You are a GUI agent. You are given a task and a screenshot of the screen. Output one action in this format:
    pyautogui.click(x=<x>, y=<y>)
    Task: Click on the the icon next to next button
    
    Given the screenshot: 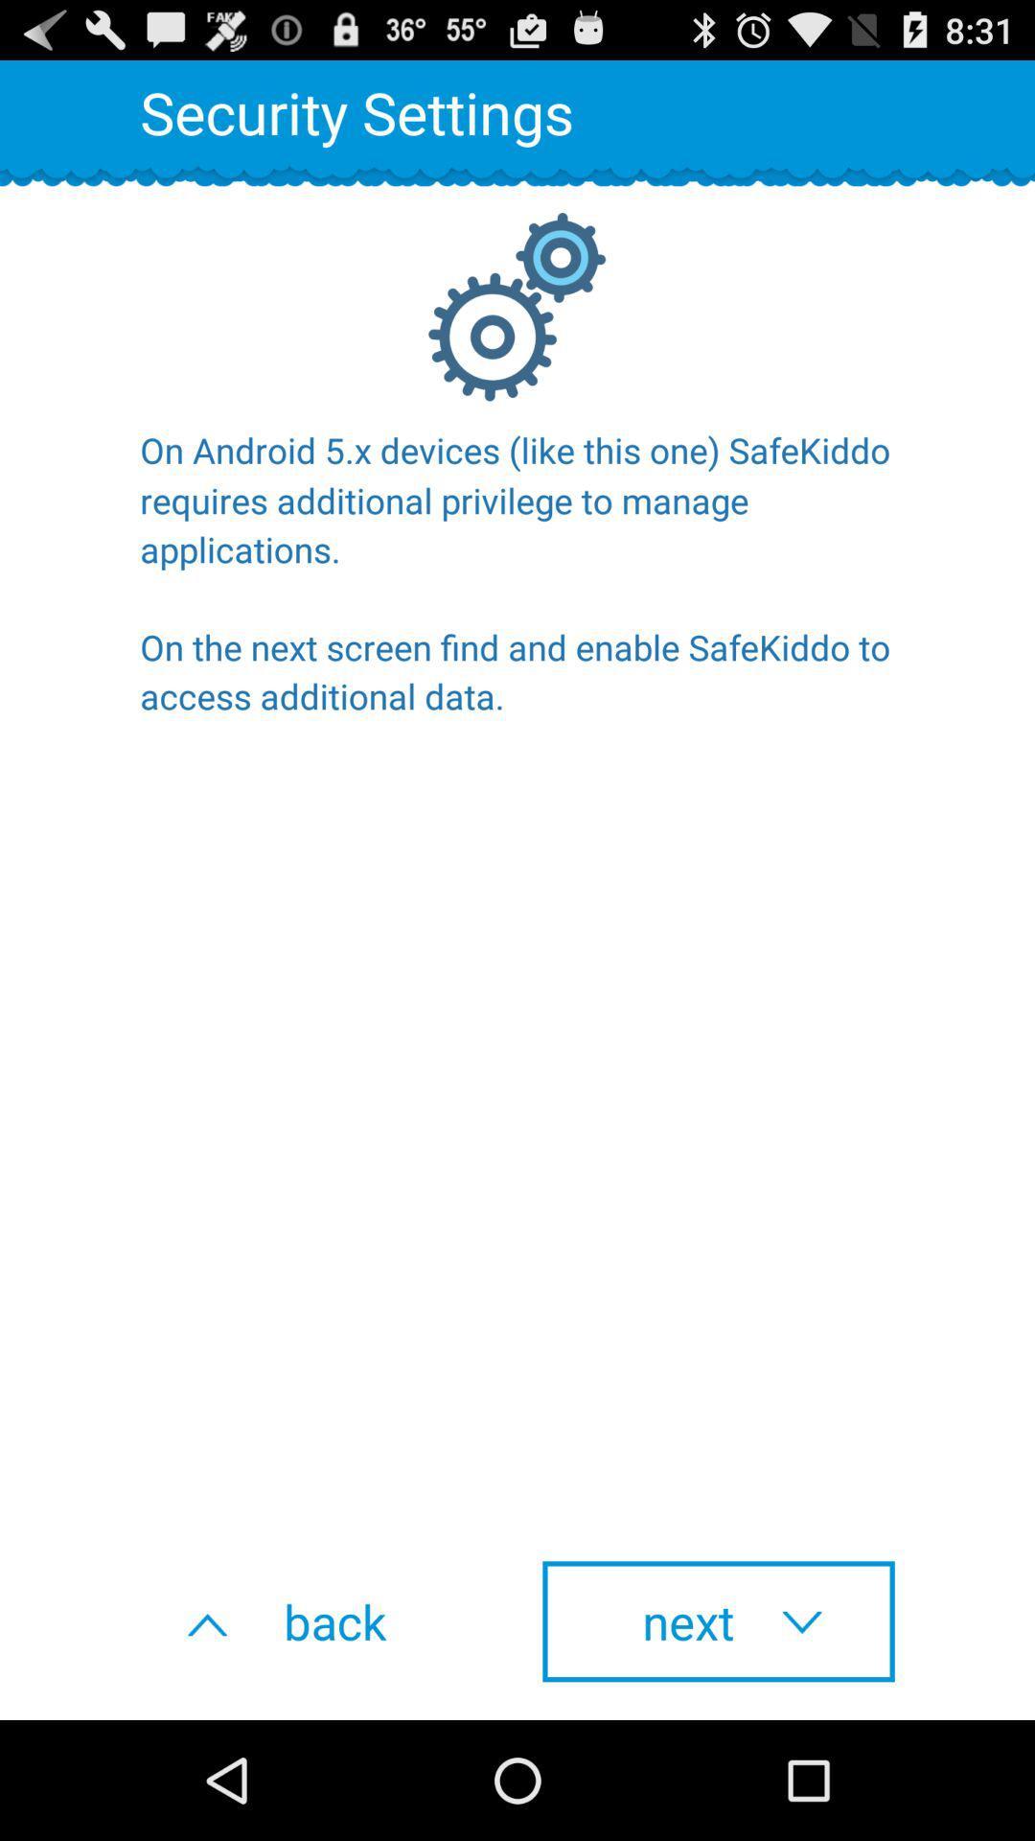 What is the action you would take?
    pyautogui.click(x=315, y=1620)
    